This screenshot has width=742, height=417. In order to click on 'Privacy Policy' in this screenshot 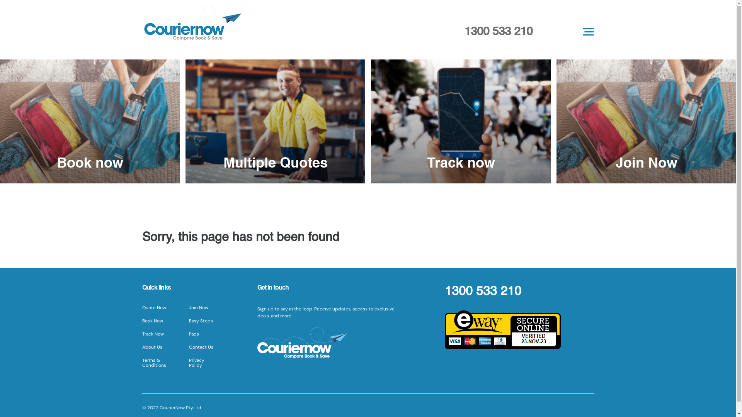, I will do `click(196, 363)`.